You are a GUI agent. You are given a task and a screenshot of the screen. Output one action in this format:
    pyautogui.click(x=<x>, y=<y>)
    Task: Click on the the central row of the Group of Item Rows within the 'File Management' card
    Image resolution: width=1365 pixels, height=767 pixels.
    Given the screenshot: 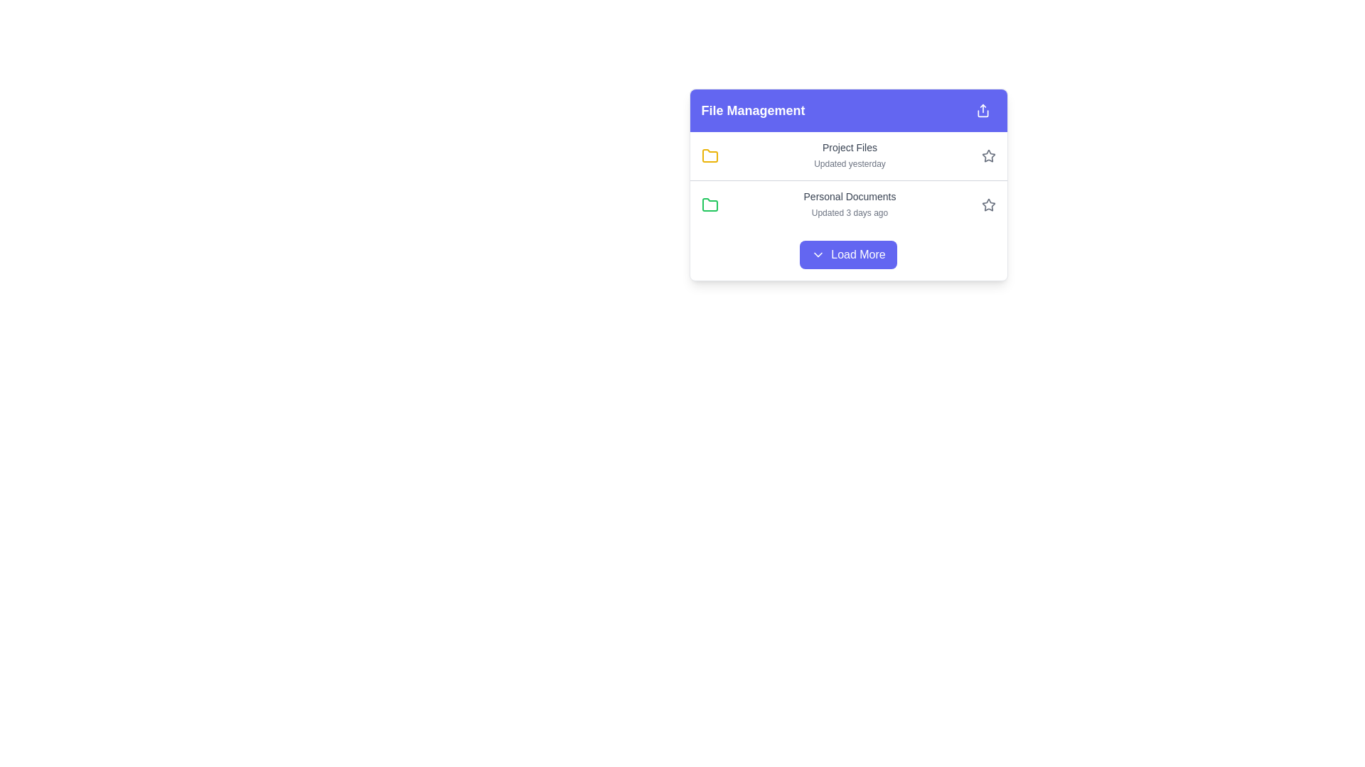 What is the action you would take?
    pyautogui.click(x=848, y=180)
    